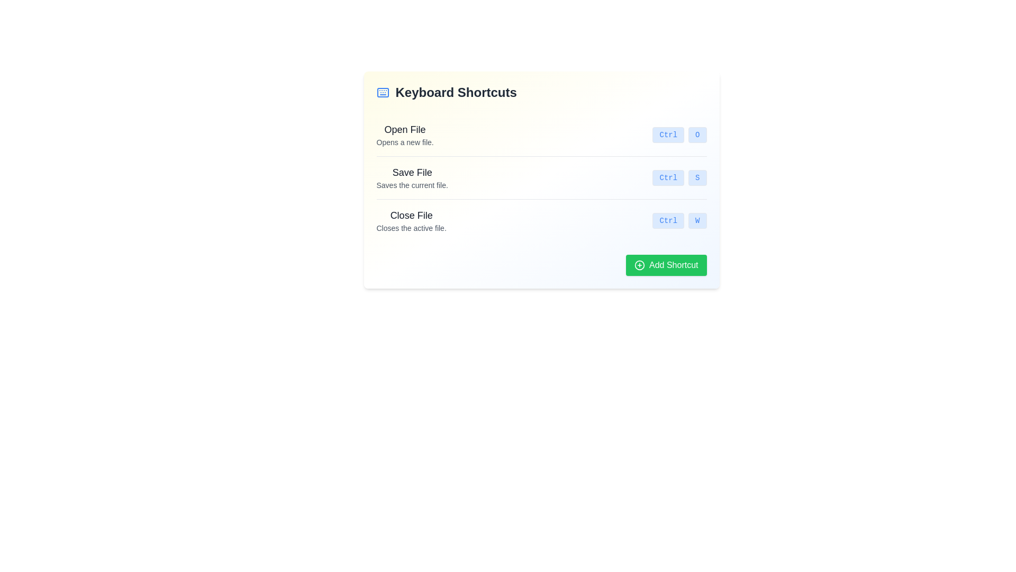  Describe the element at coordinates (697, 134) in the screenshot. I see `the small button-like component displaying the character 'O' with a blue text color, located to the right of the 'Ctrl' element in the upper-right portion of the interface` at that location.